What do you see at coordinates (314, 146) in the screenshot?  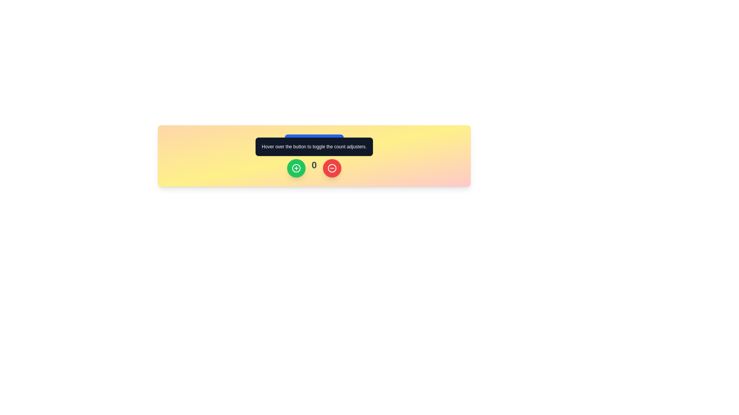 I see `the tooltip box with a dark gray background that displays the message 'Hover over the button to toggle the count adjusters.' which is positioned above the blue button labeled 'Tooltip Trigger'` at bounding box center [314, 146].